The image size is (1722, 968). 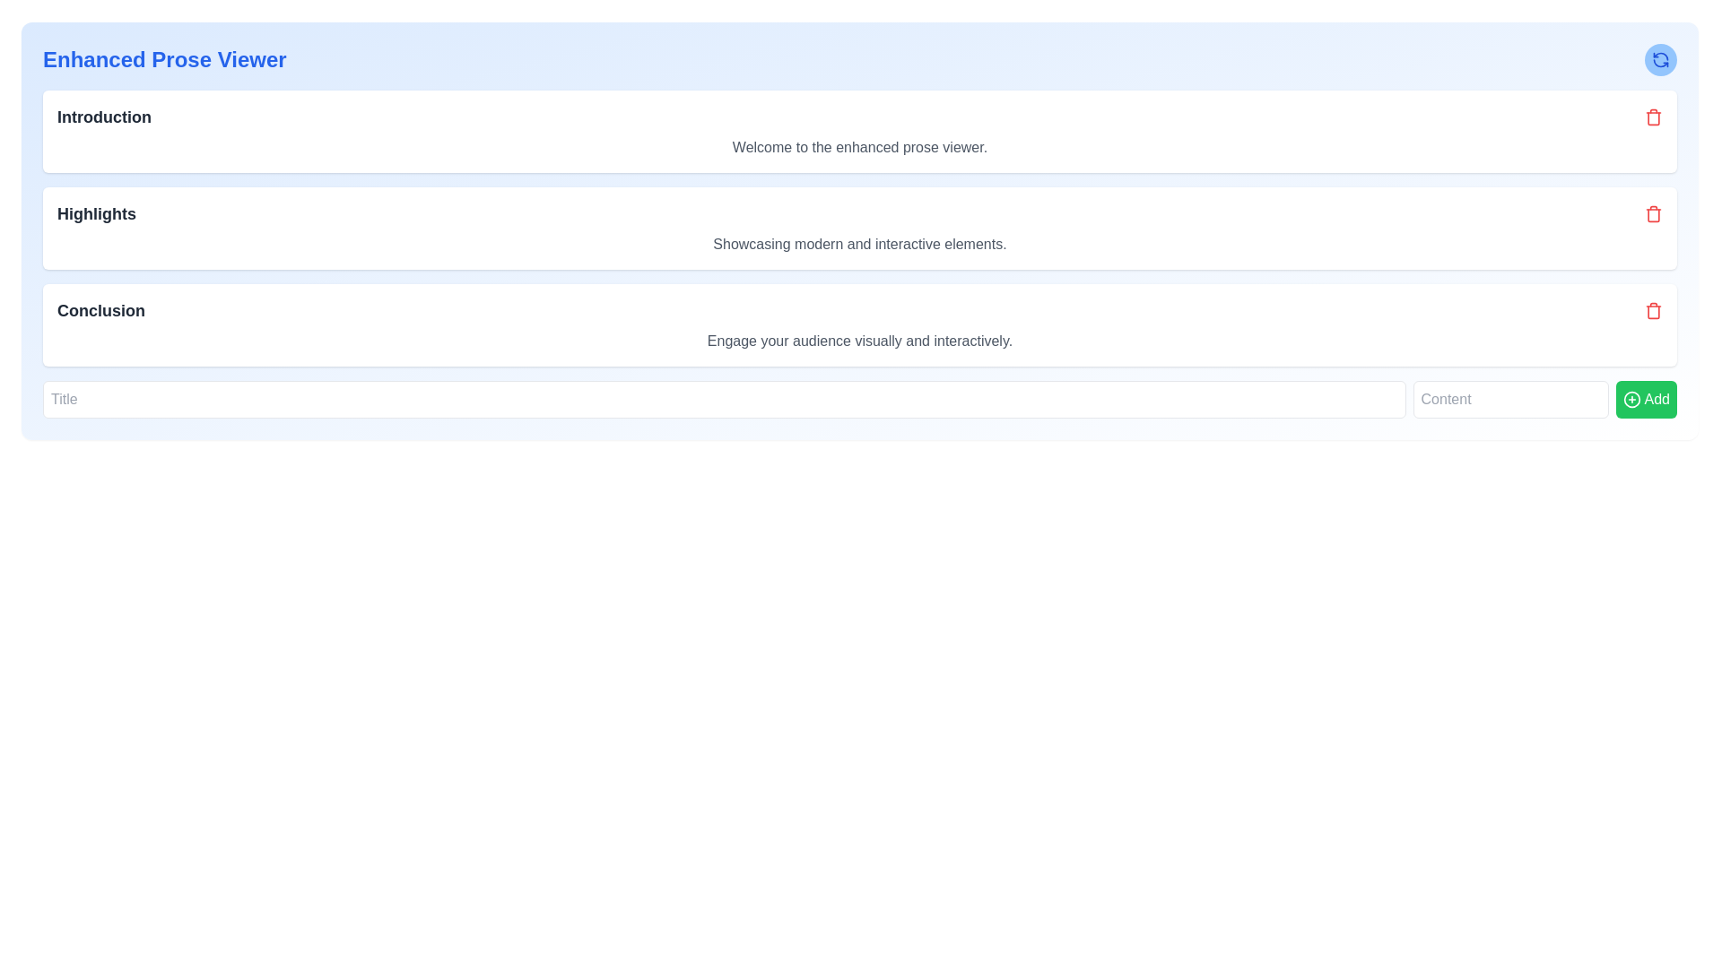 I want to click on the refresh icon located in the top-right corner of the interface, which is part of a circular button with a blue background, so click(x=1660, y=58).